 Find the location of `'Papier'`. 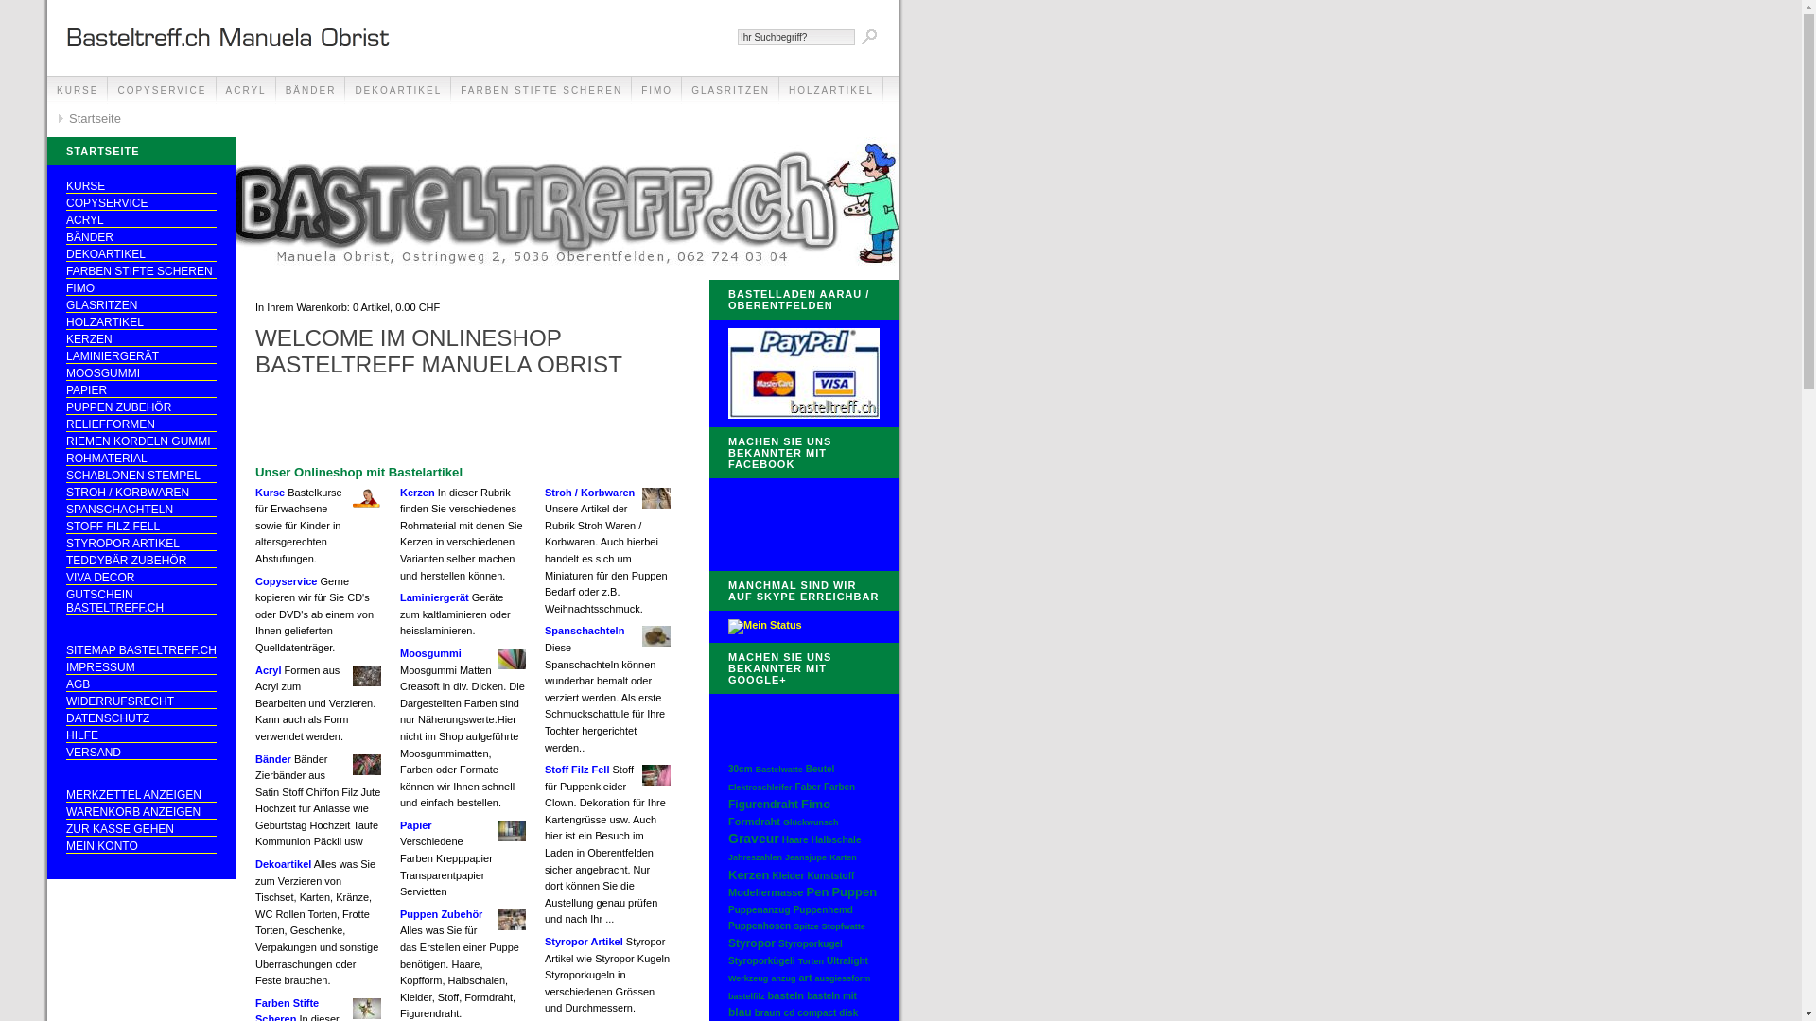

'Papier' is located at coordinates (415, 823).